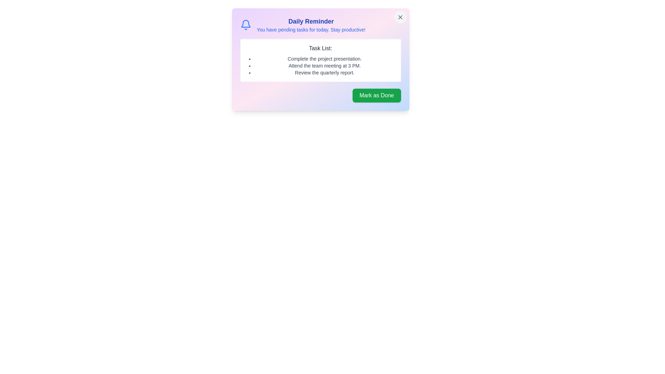 The width and height of the screenshot is (665, 374). Describe the element at coordinates (400, 17) in the screenshot. I see `the close button located at the top-right corner of the notification` at that location.